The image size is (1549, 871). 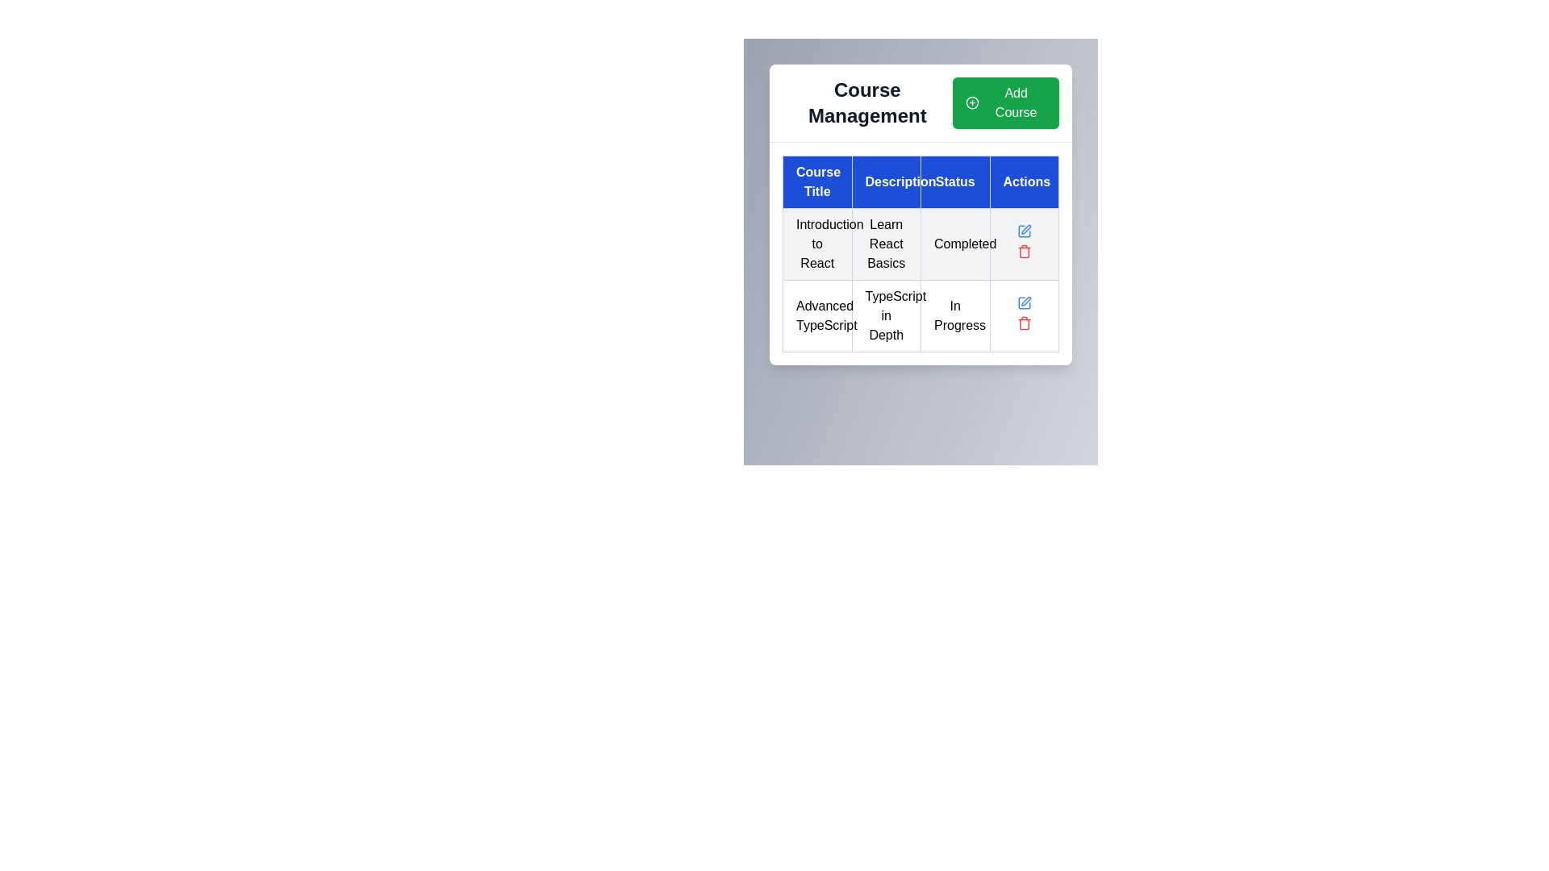 I want to click on the text cell containing 'TypeScript in Depth', which is located in the second row and second column of the table under the 'Description' header, so click(x=885, y=316).